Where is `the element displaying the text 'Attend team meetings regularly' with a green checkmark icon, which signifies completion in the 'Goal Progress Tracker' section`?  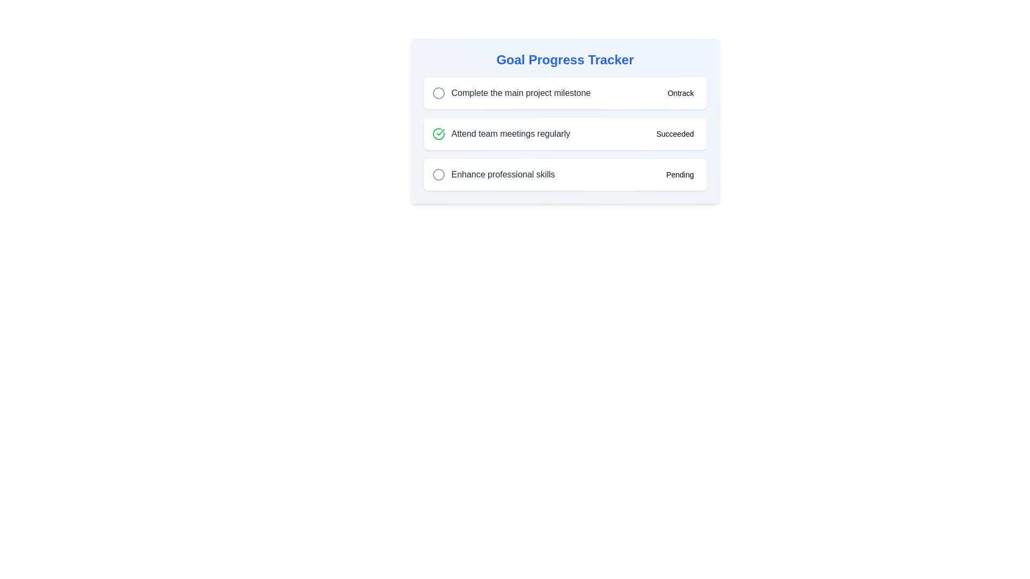 the element displaying the text 'Attend team meetings regularly' with a green checkmark icon, which signifies completion in the 'Goal Progress Tracker' section is located at coordinates (501, 133).